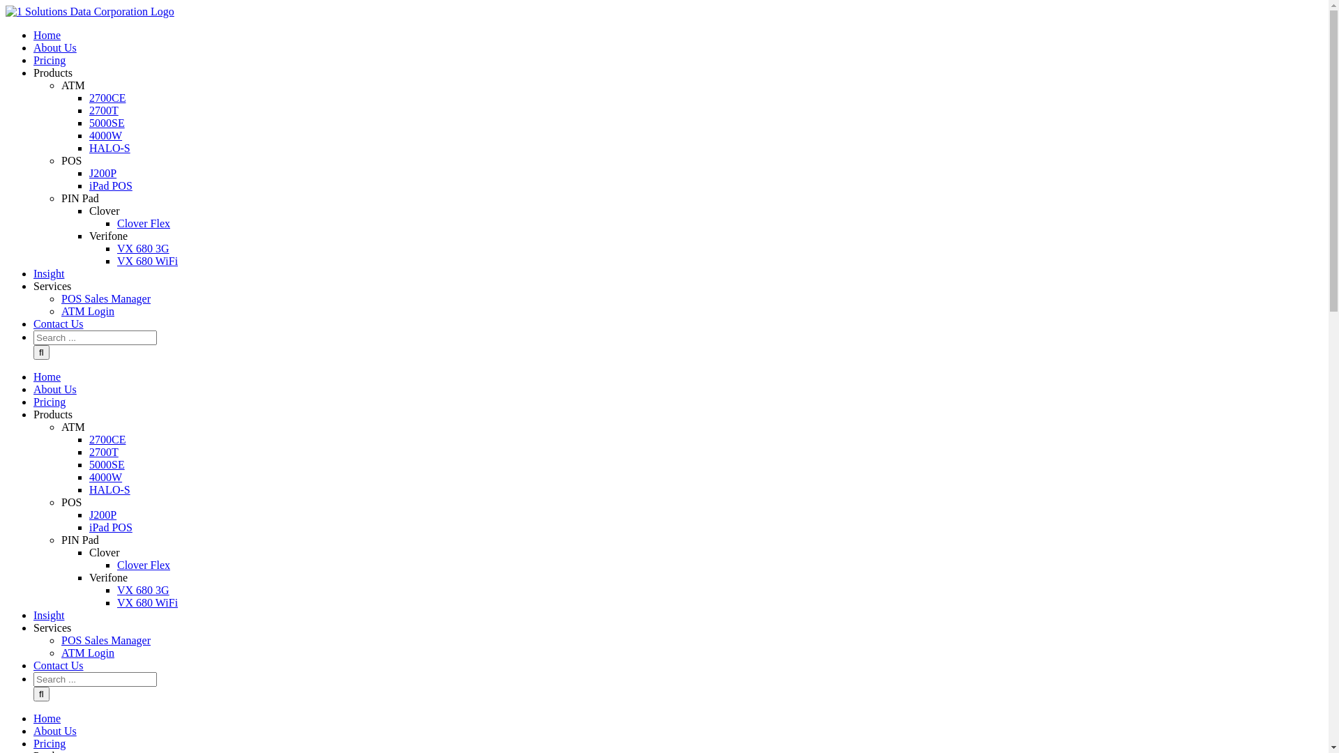 This screenshot has height=753, width=1339. I want to click on '5000SE', so click(106, 122).